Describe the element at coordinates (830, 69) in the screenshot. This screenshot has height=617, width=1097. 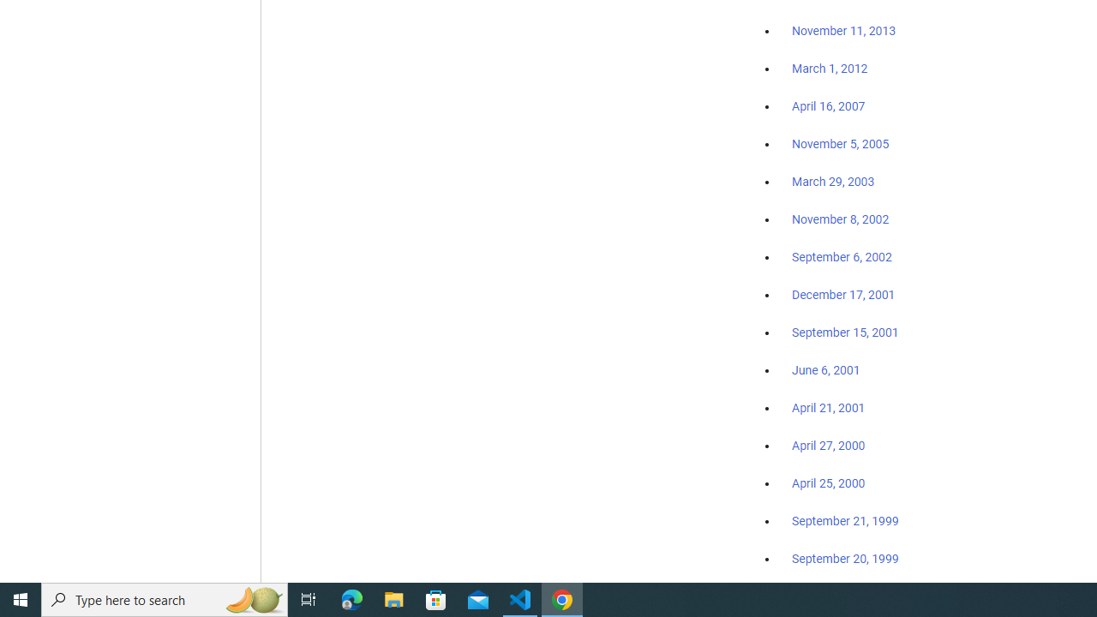
I see `'March 1, 2012'` at that location.